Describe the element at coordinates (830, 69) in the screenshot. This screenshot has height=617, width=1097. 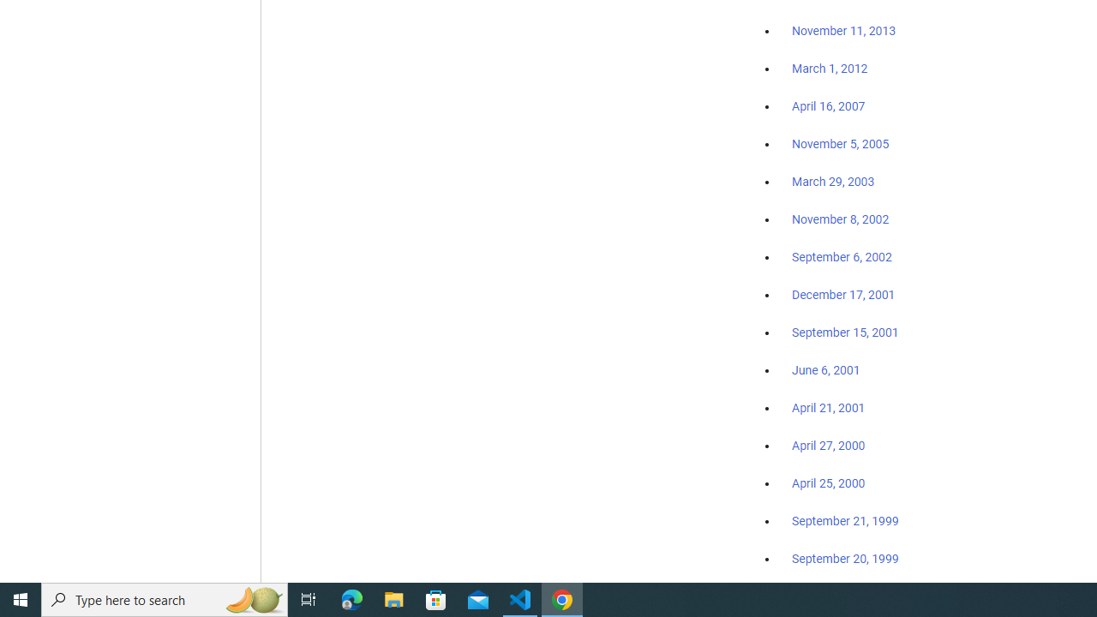
I see `'March 1, 2012'` at that location.